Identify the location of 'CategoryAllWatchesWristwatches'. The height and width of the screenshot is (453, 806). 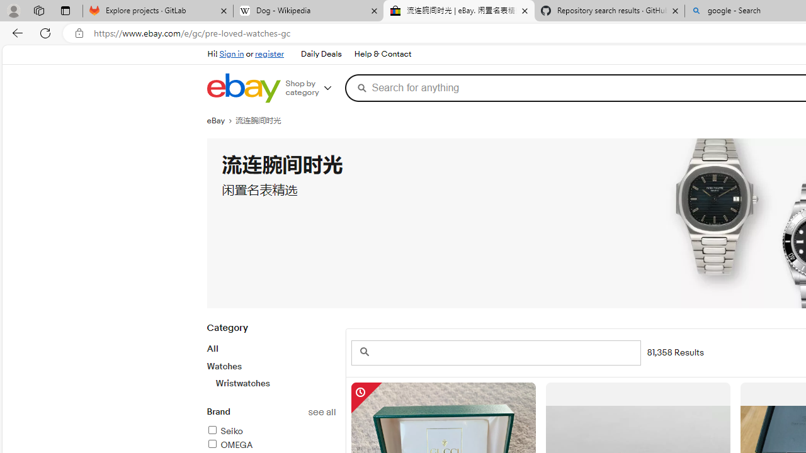
(270, 362).